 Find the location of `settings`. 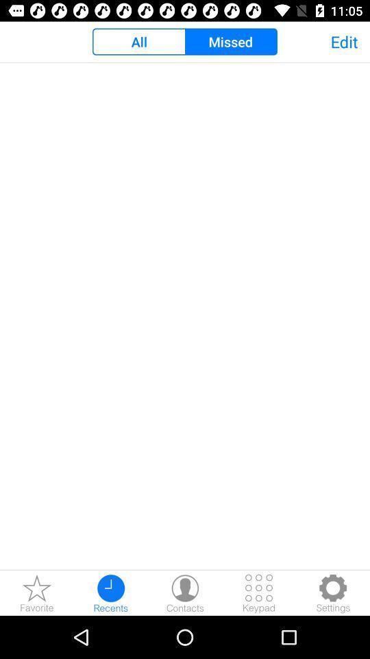

settings is located at coordinates (332, 592).